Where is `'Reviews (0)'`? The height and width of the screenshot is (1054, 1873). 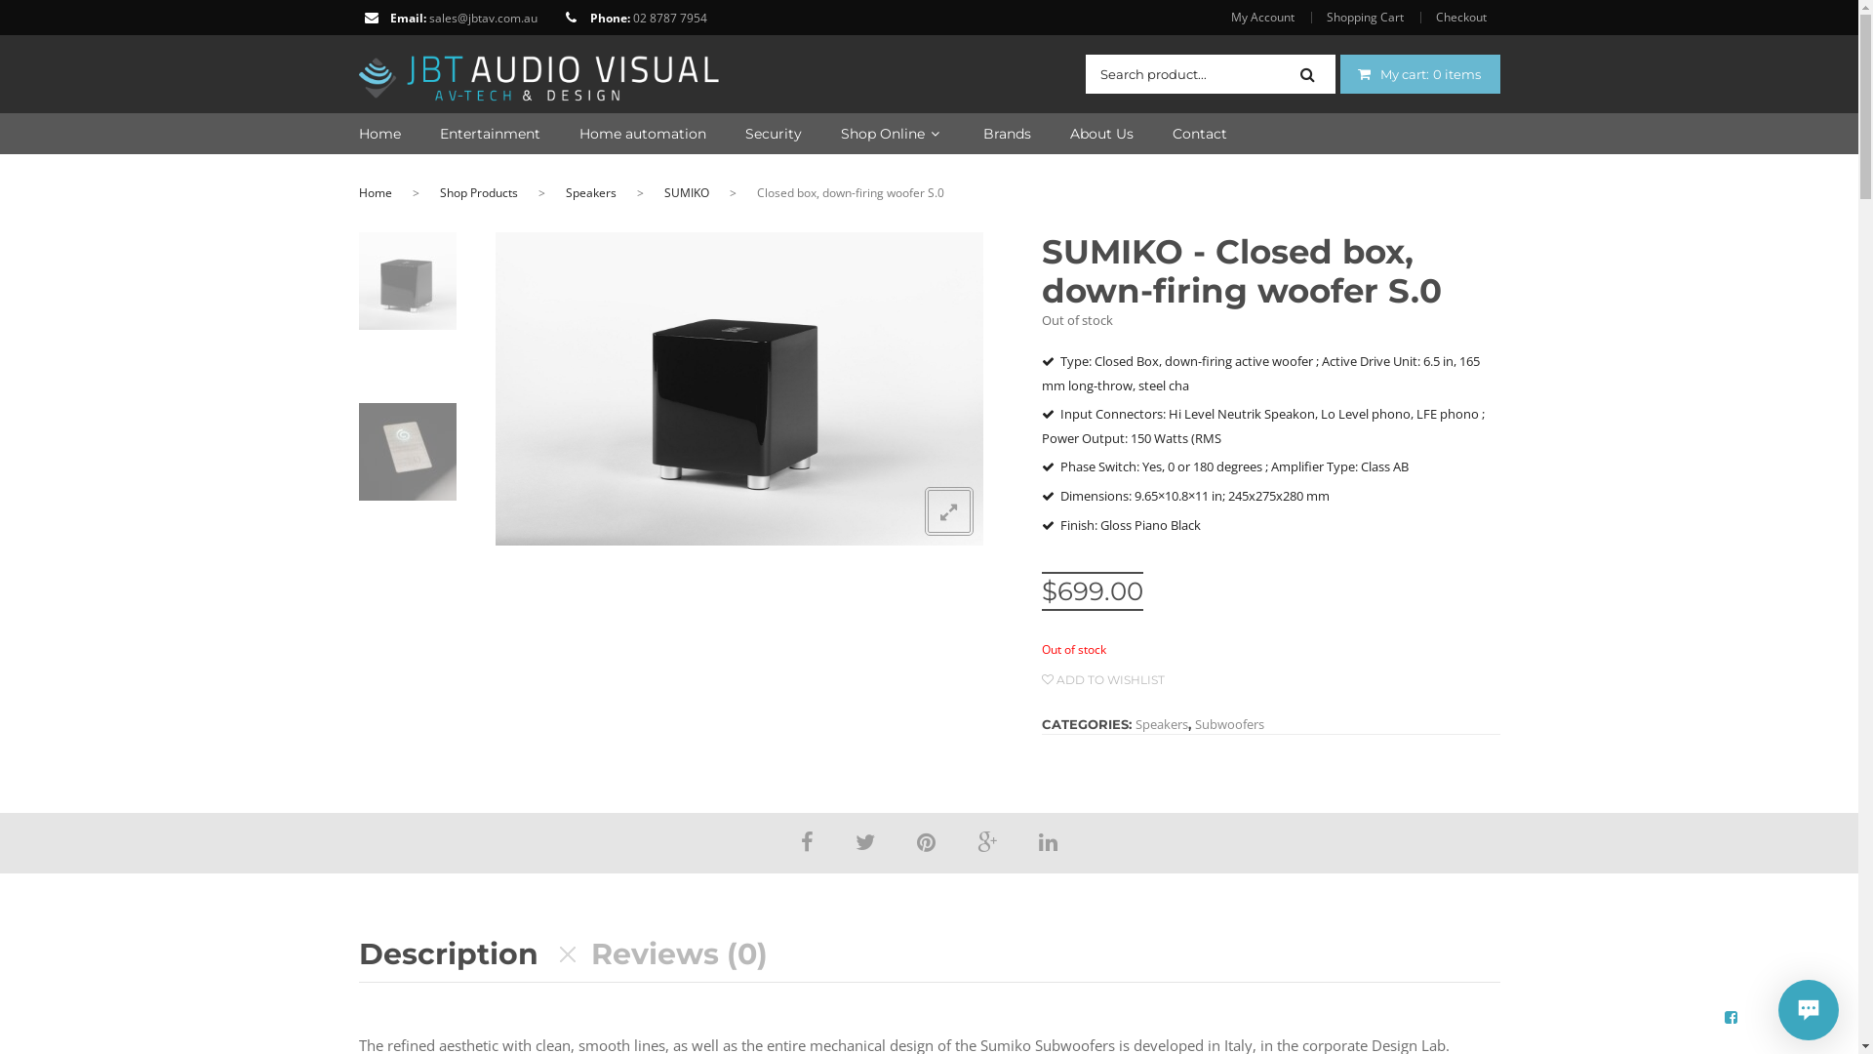
'Reviews (0)' is located at coordinates (679, 953).